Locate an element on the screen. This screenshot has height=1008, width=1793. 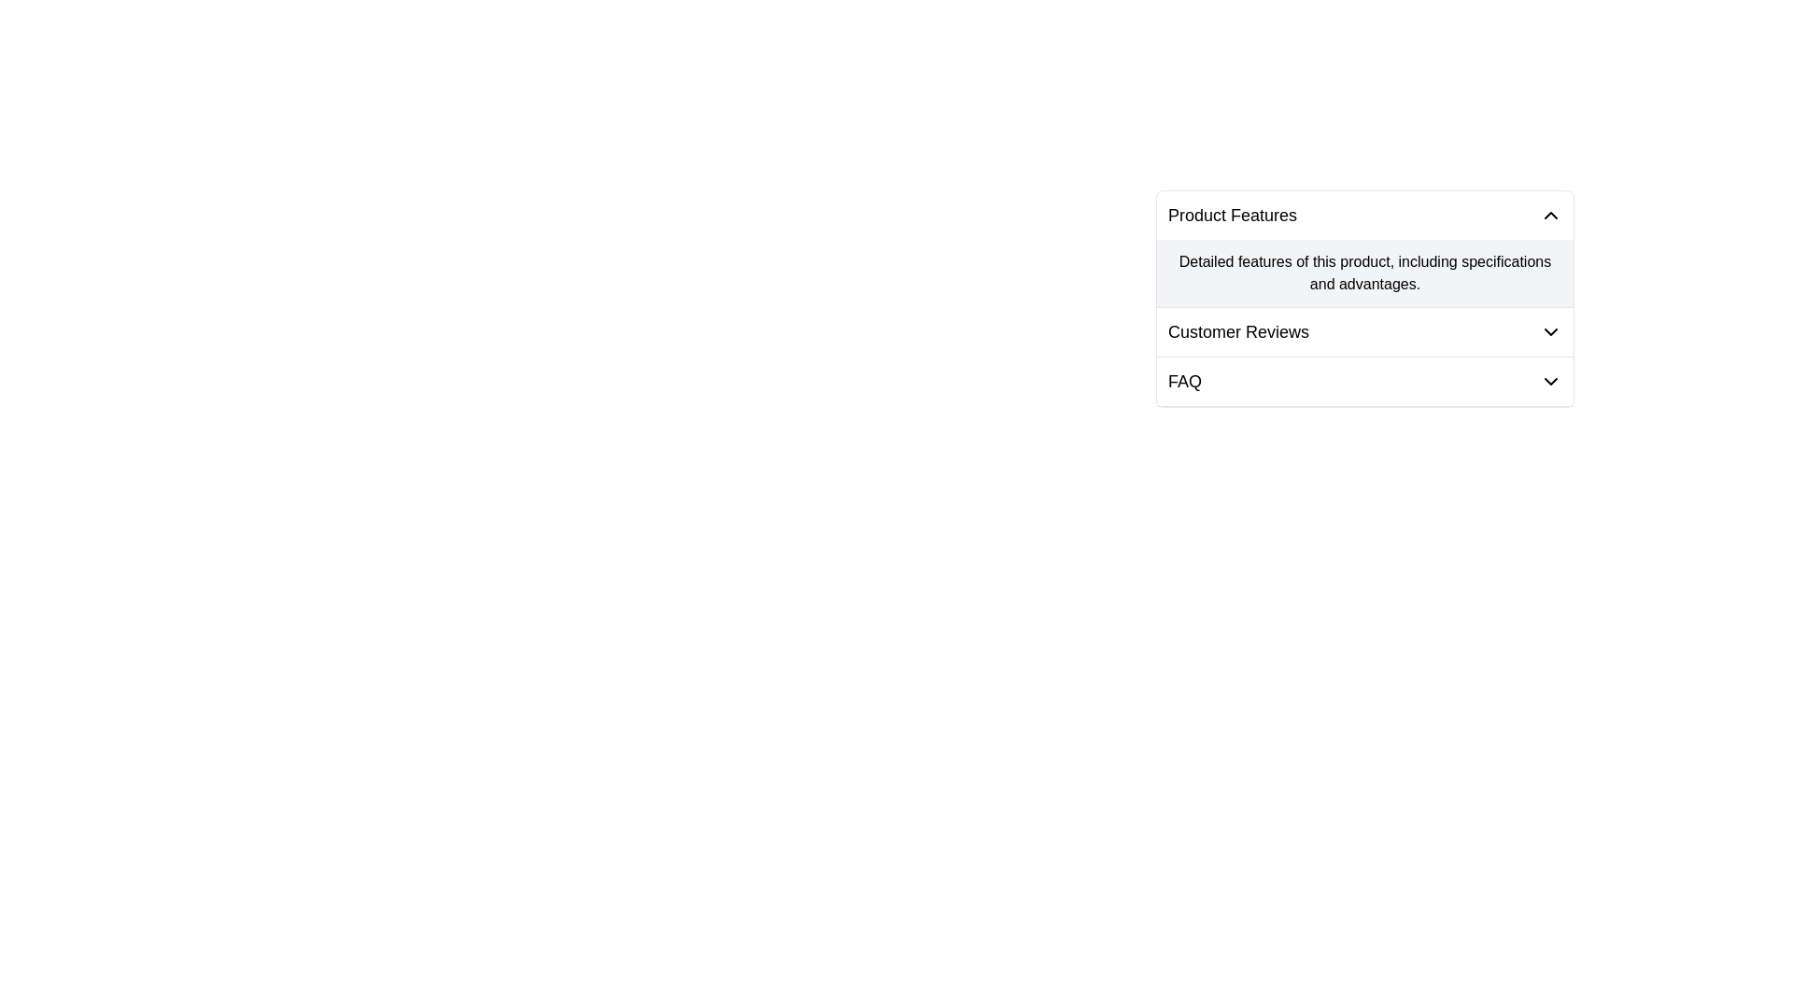
the downward-pointing chevron SVG graphic indicating the 'Customer Reviews' section is located at coordinates (1550, 330).